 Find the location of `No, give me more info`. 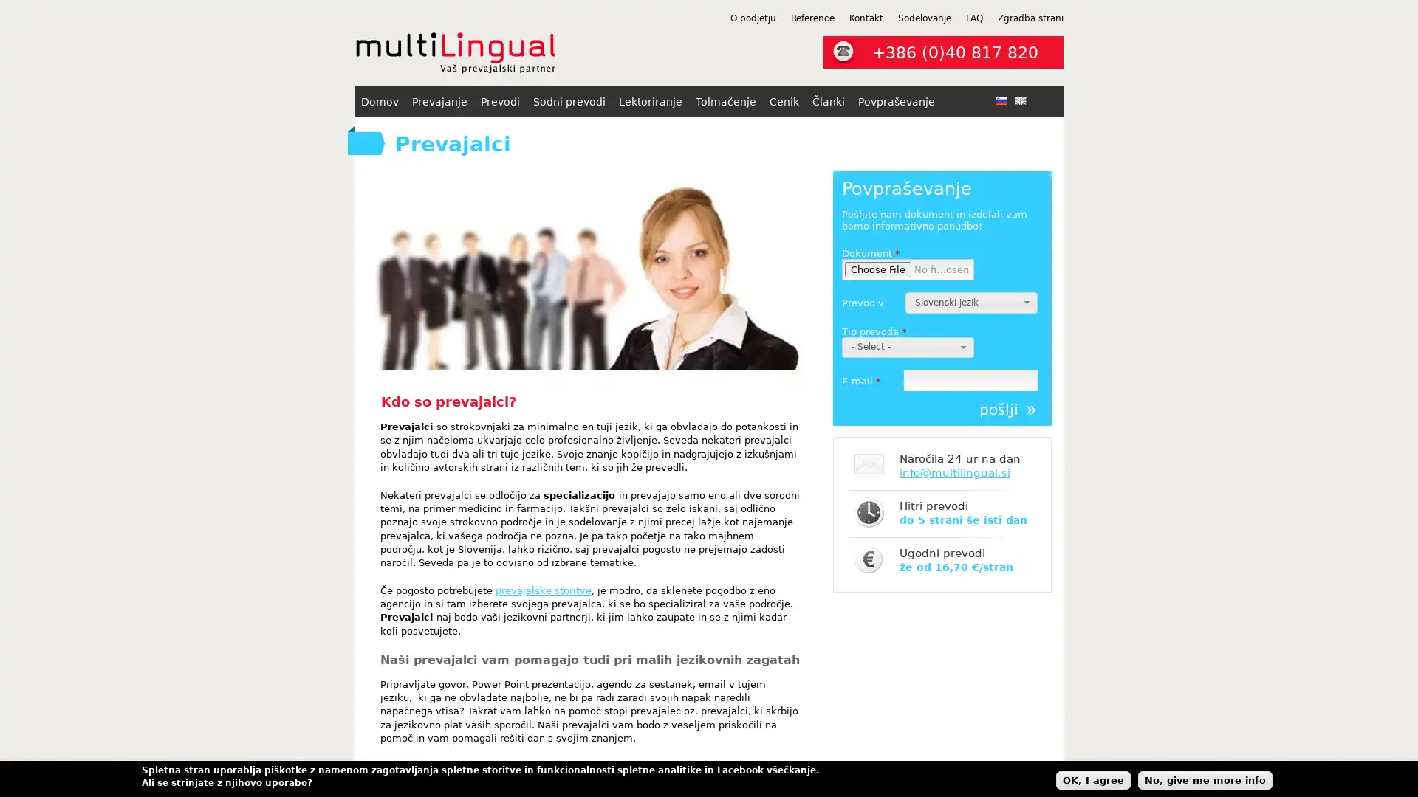

No, give me more info is located at coordinates (1205, 779).